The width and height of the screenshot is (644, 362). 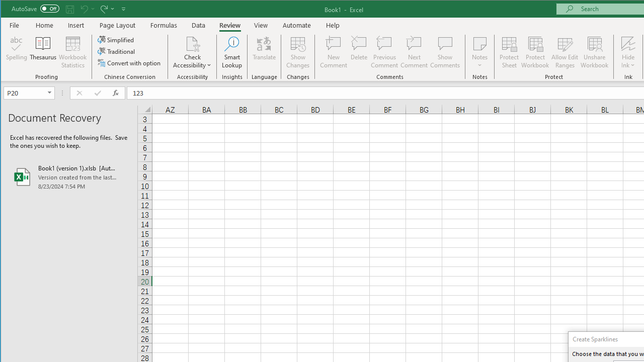 I want to click on 'Automate', so click(x=296, y=25).